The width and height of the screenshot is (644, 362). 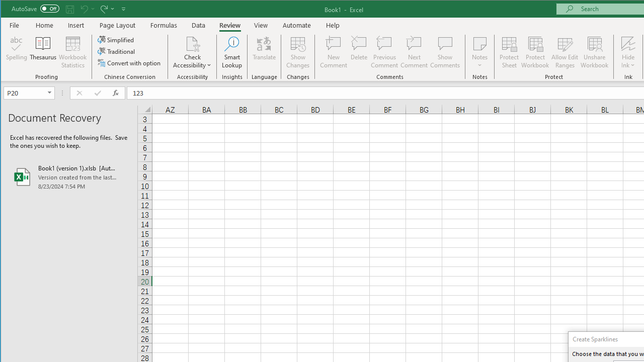 I want to click on 'Automate', so click(x=296, y=25).